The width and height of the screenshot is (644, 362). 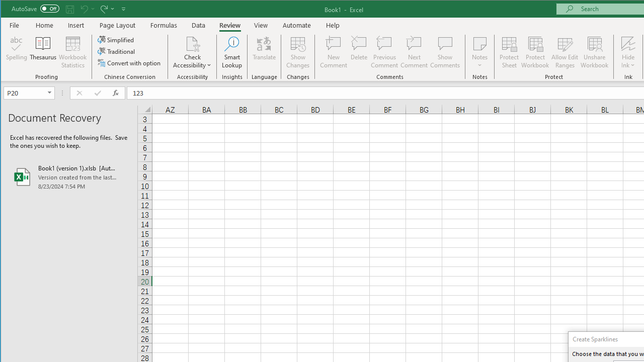 I want to click on 'Automate', so click(x=296, y=25).